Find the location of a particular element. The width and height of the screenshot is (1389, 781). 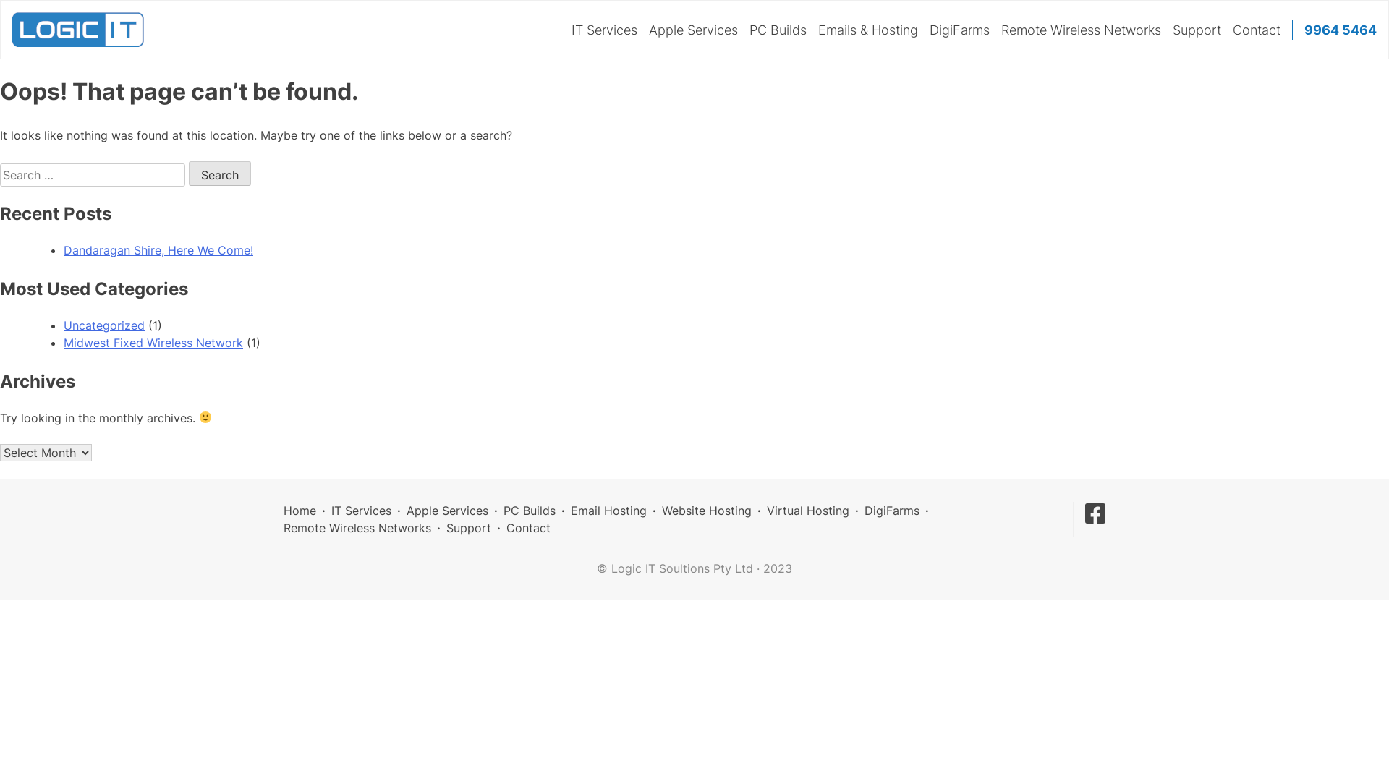

'PC Builds' is located at coordinates (777, 30).